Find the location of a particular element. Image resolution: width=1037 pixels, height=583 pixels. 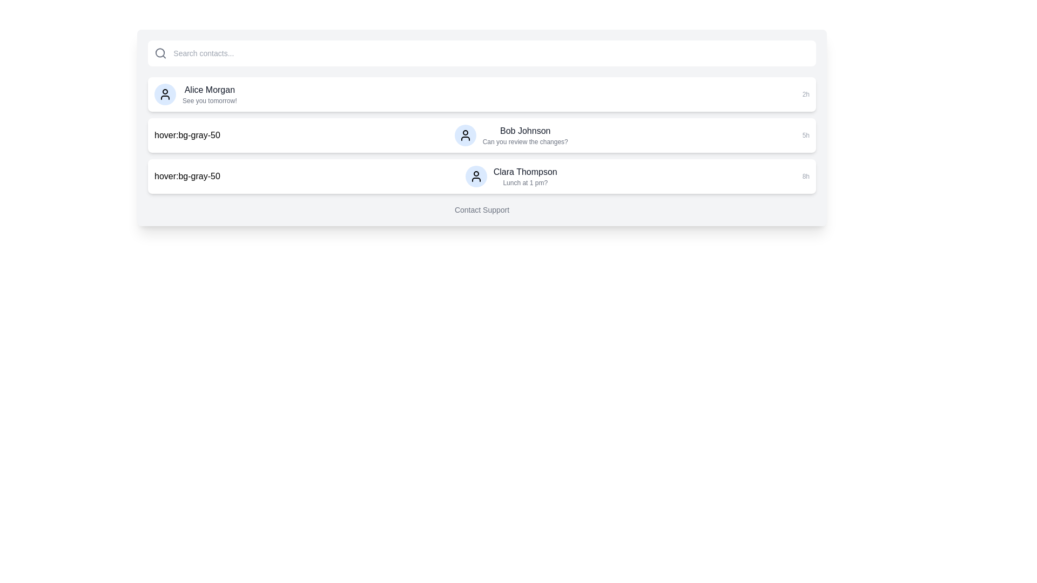

the text block that displays 'Bob Johnson' and 'Can you review the changes?' is located at coordinates (525, 134).